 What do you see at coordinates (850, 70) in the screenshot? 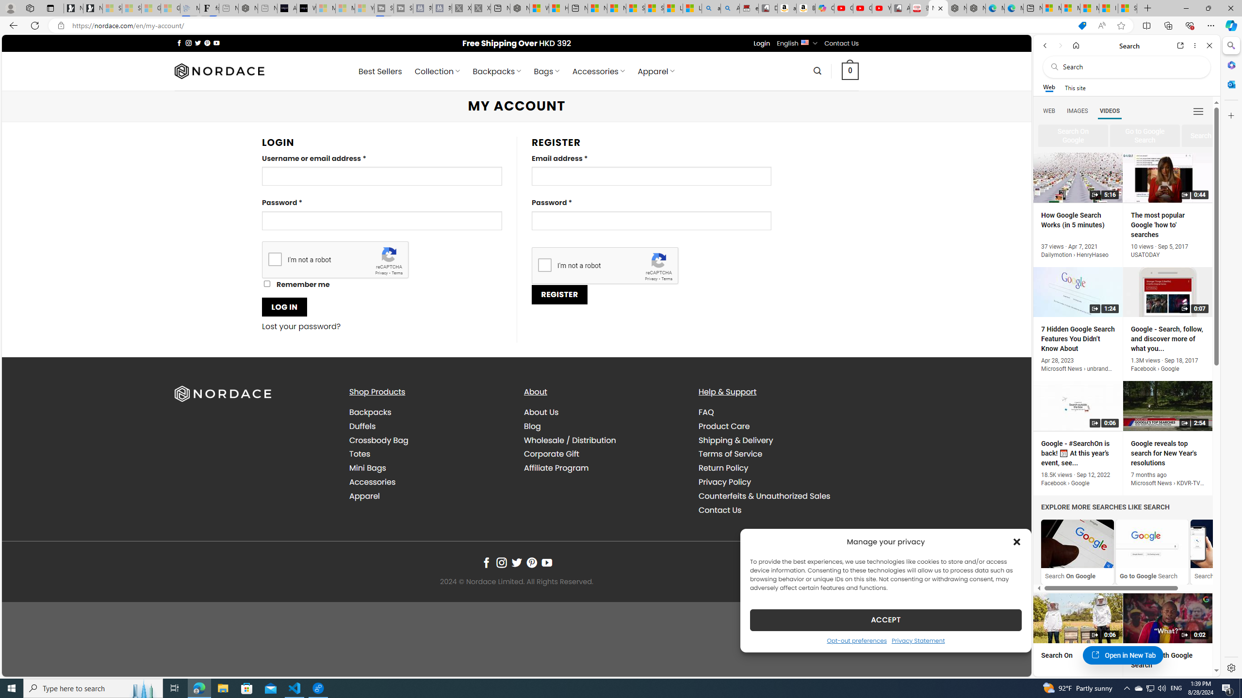
I see `'  0  '` at bounding box center [850, 70].